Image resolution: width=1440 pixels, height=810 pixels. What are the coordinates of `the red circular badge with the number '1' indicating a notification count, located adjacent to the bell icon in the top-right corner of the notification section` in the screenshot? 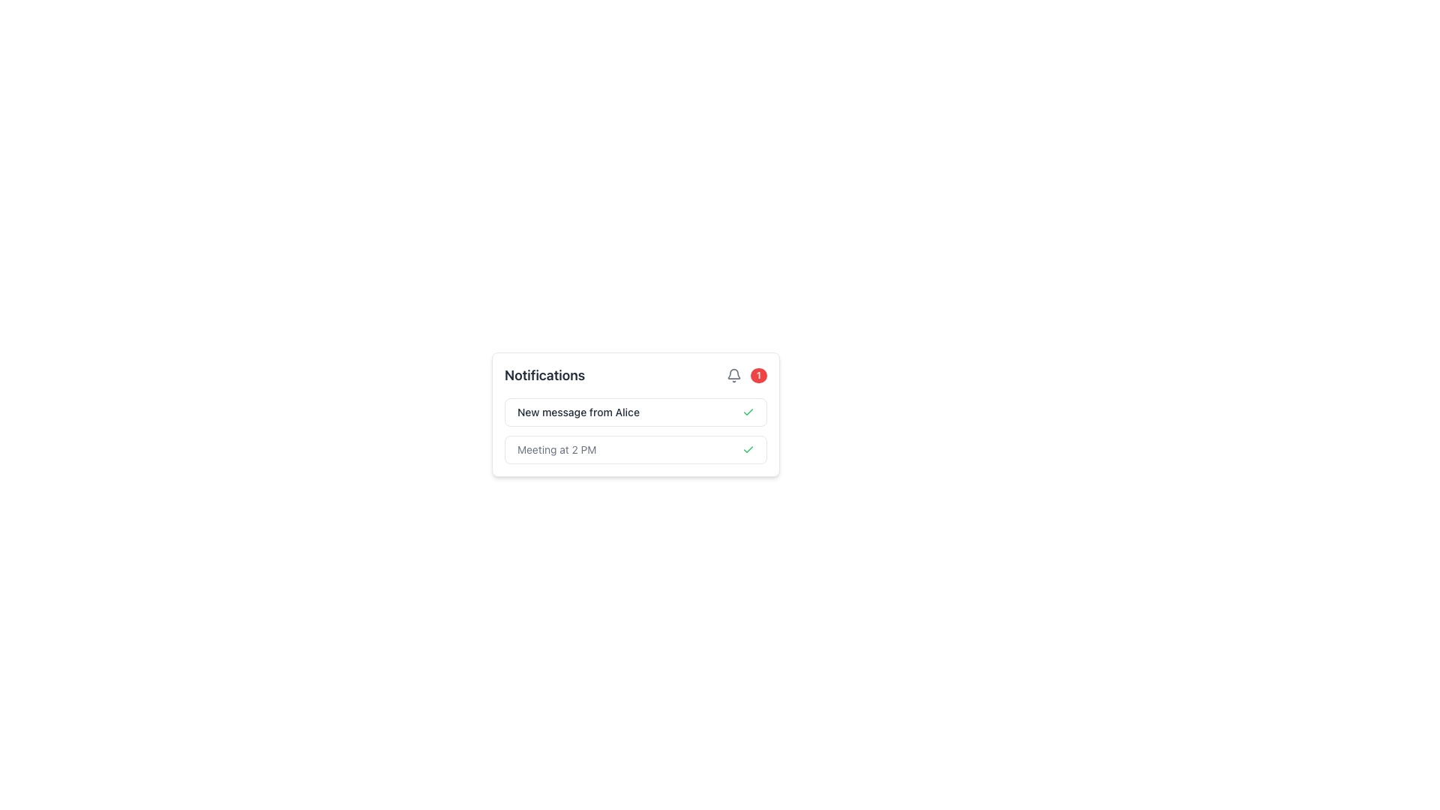 It's located at (746, 375).